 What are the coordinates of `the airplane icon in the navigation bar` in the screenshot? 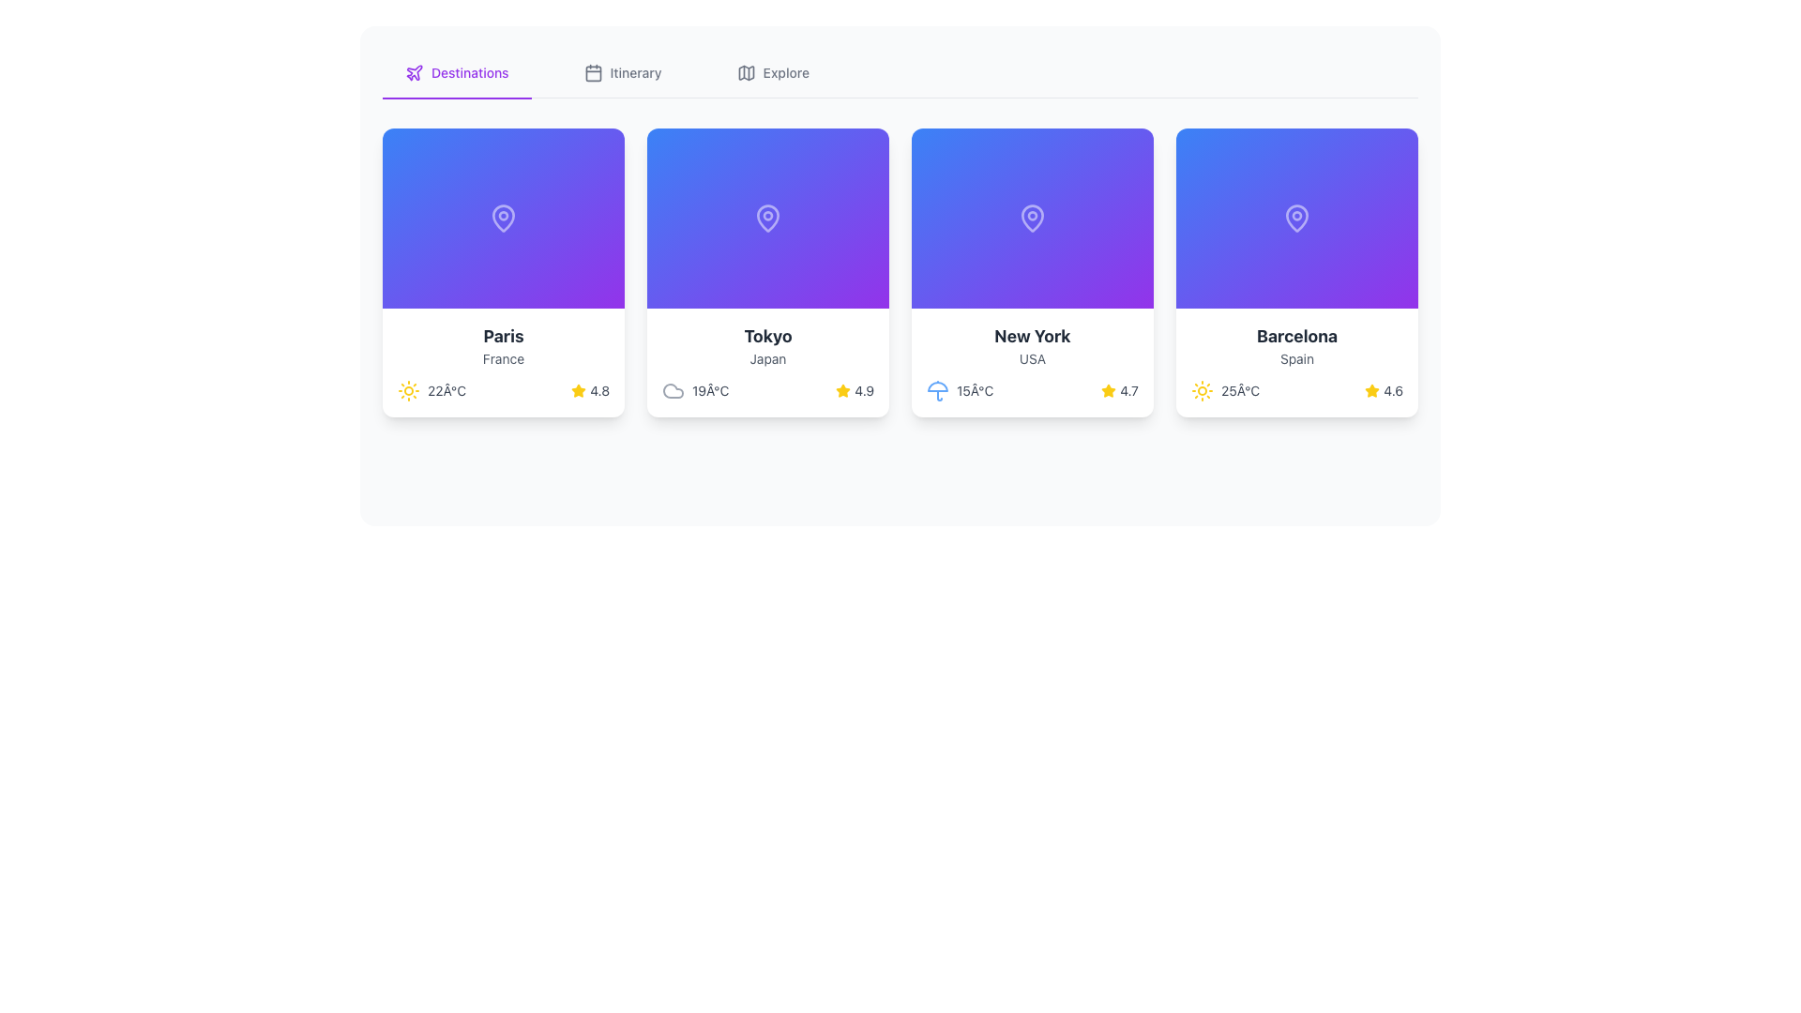 It's located at (413, 71).